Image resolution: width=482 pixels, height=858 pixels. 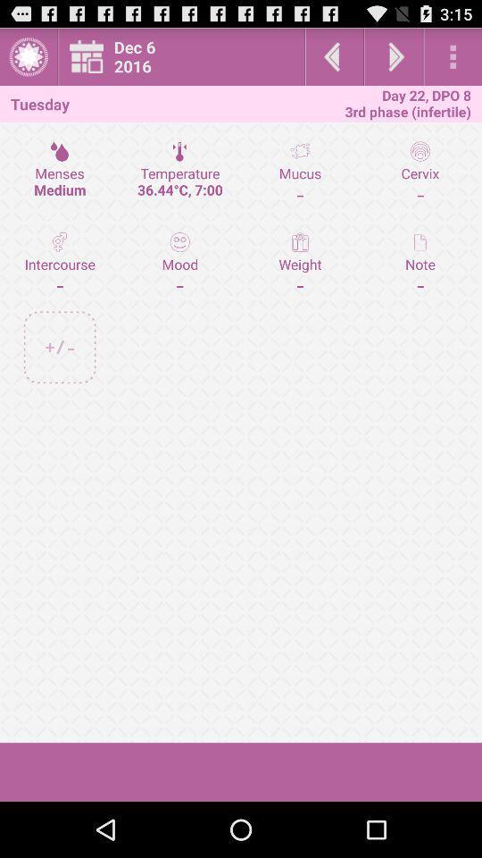 What do you see at coordinates (28, 56) in the screenshot?
I see `menu` at bounding box center [28, 56].